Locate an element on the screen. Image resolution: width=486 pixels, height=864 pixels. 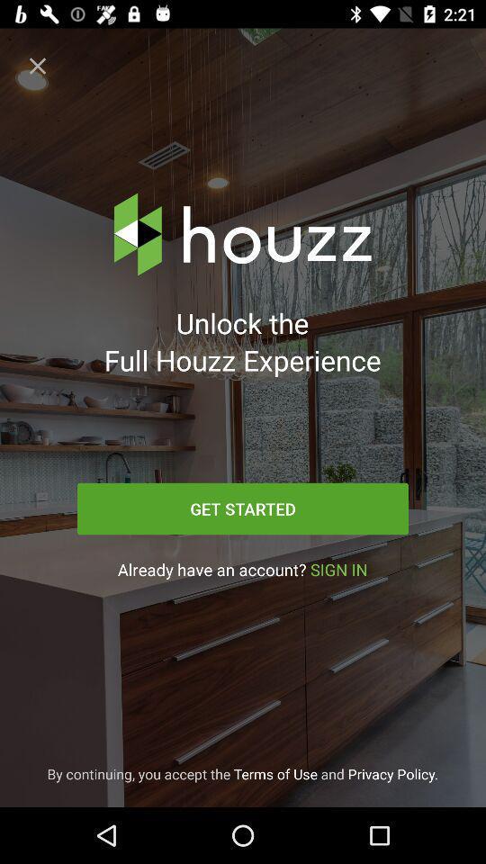
the by continuing you item is located at coordinates (242, 773).